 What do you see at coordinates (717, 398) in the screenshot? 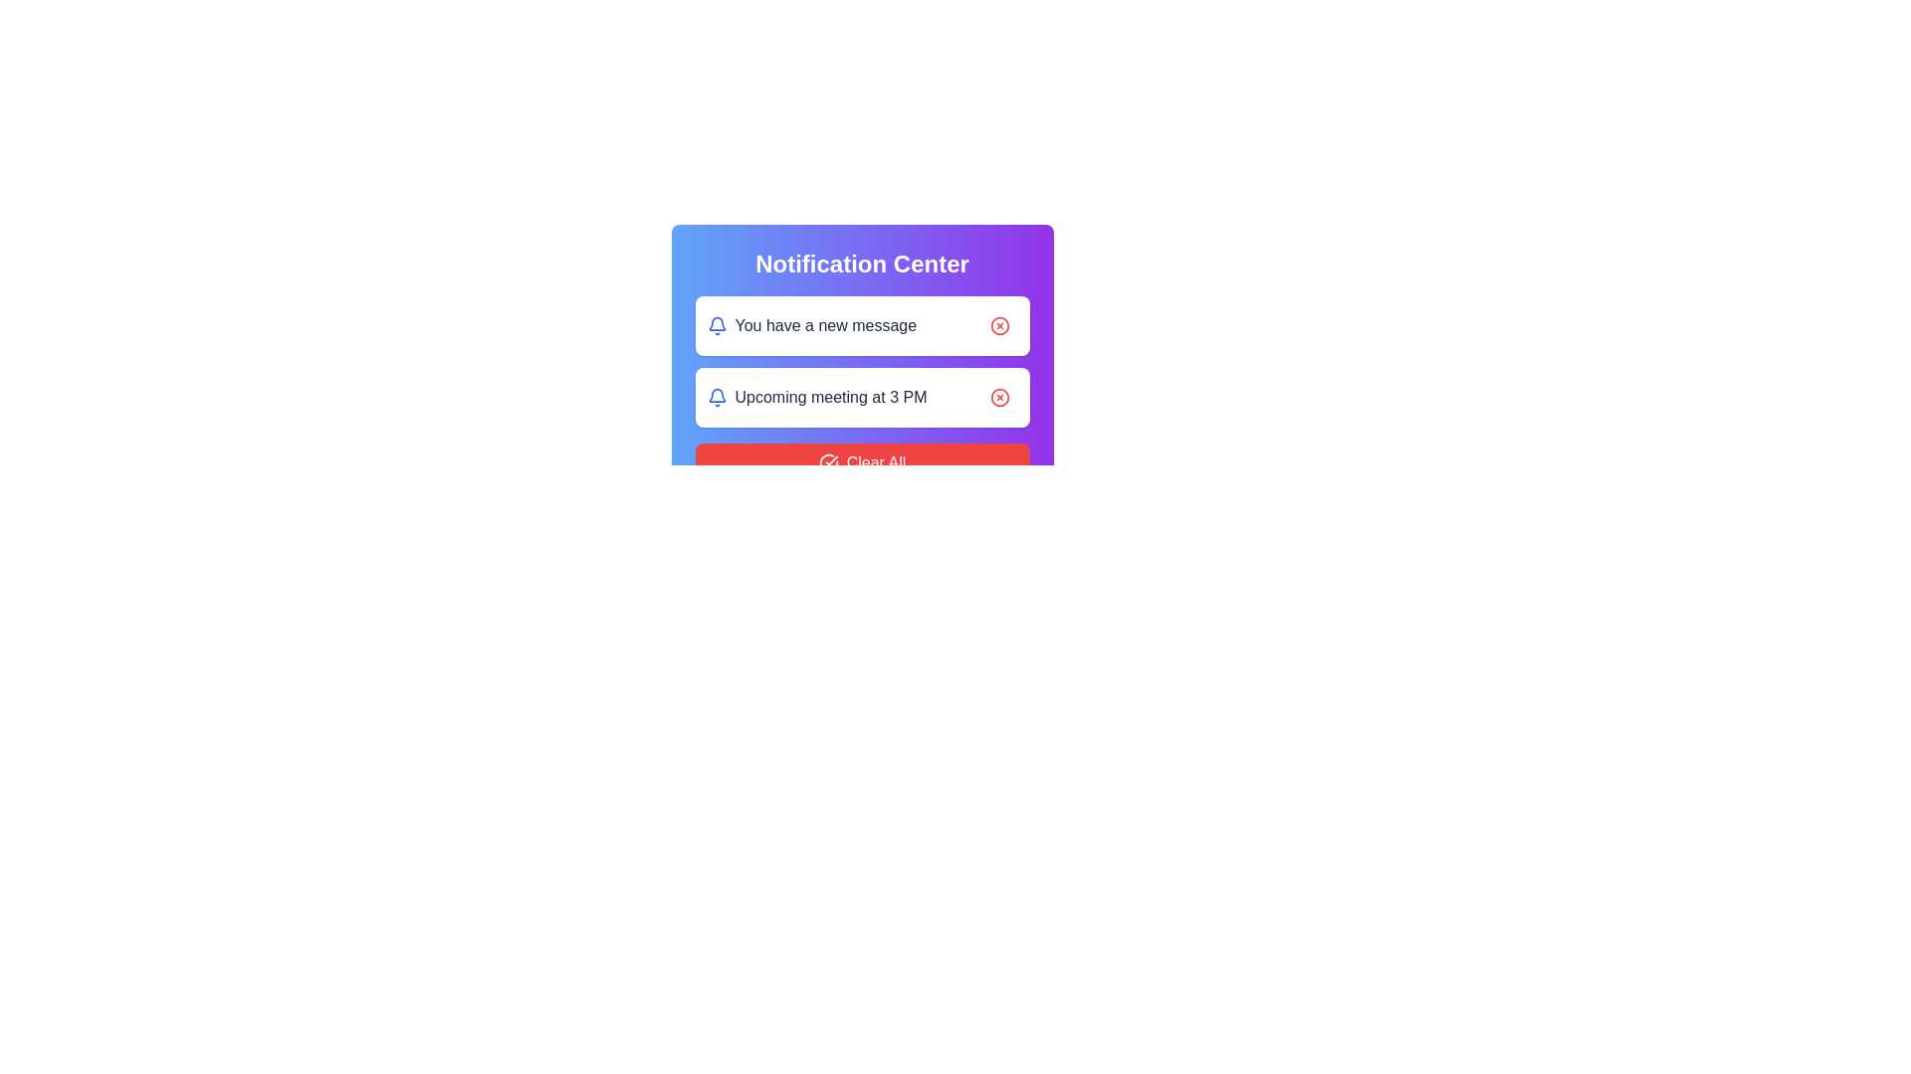
I see `the bell icon indicating alerts or notifications located to the left of the text 'Upcoming meeting at 3 PM' in the second entry of the notification panel` at bounding box center [717, 398].